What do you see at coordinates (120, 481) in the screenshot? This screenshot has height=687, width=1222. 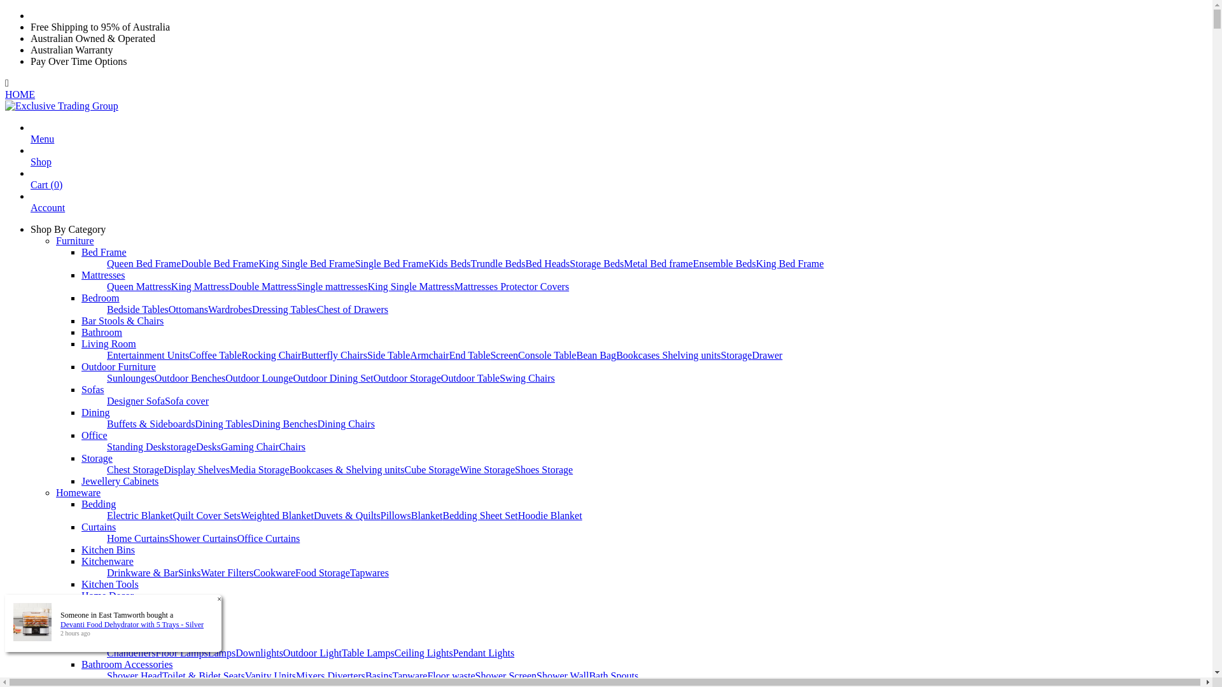 I see `'Jewellery Cabinets'` at bounding box center [120, 481].